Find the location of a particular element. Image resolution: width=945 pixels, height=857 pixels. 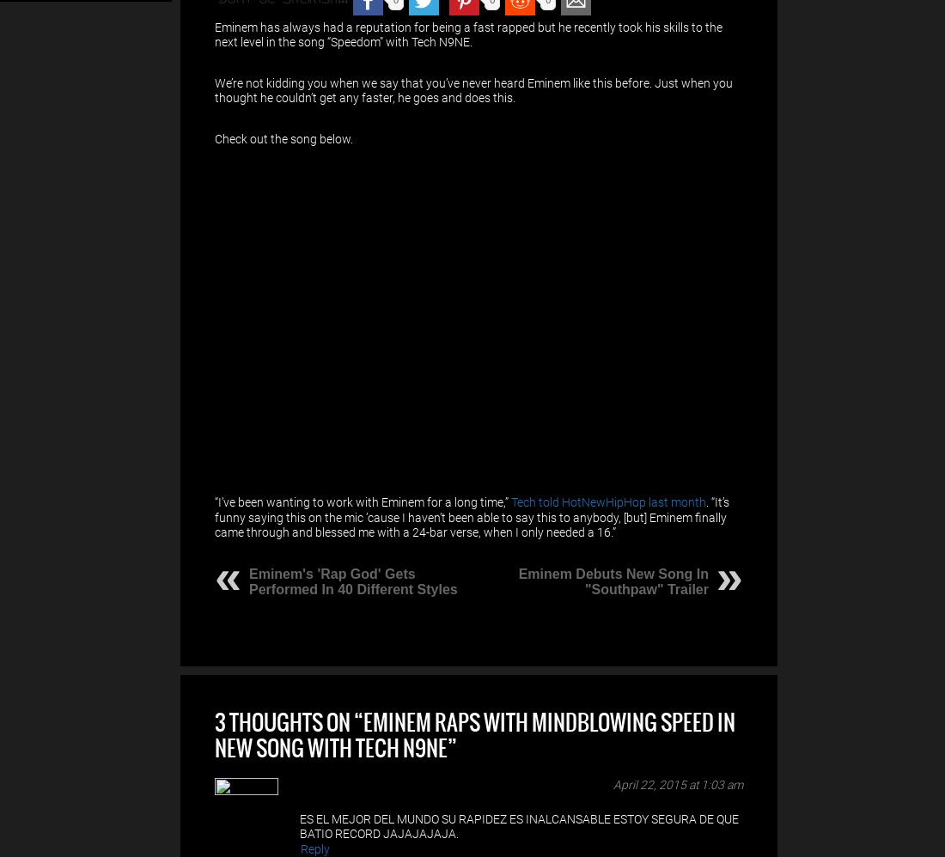

'Tech told HotNewHipHop last month' is located at coordinates (607, 501).